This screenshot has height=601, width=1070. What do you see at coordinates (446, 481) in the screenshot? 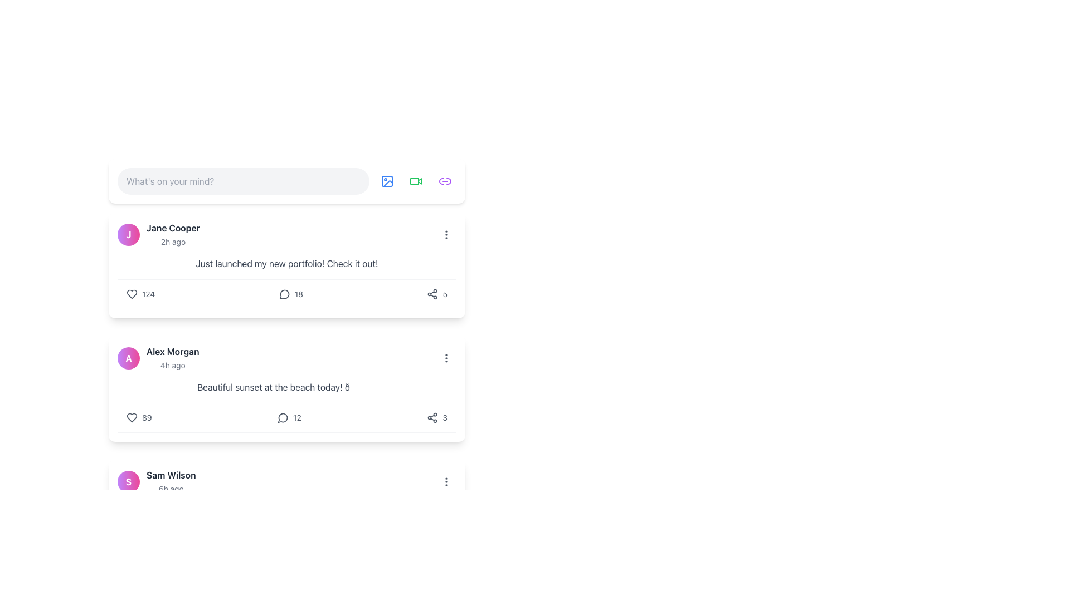
I see `the button styled as a circle with a gray hover effect containing a vertical ellipsis icon, located at the bottom-right corner of the card for user 'Sam Wilson', to activate the hover effect` at bounding box center [446, 481].